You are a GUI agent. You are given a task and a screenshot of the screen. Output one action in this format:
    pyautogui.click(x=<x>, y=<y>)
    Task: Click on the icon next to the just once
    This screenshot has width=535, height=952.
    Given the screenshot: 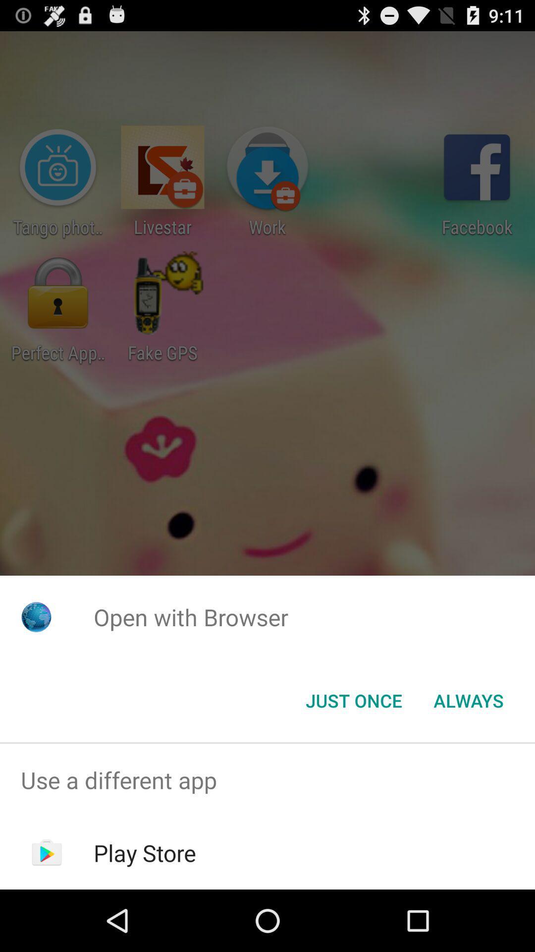 What is the action you would take?
    pyautogui.click(x=468, y=700)
    